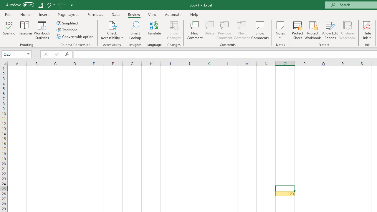 This screenshot has height=212, width=377. I want to click on 'New Comment', so click(195, 30).